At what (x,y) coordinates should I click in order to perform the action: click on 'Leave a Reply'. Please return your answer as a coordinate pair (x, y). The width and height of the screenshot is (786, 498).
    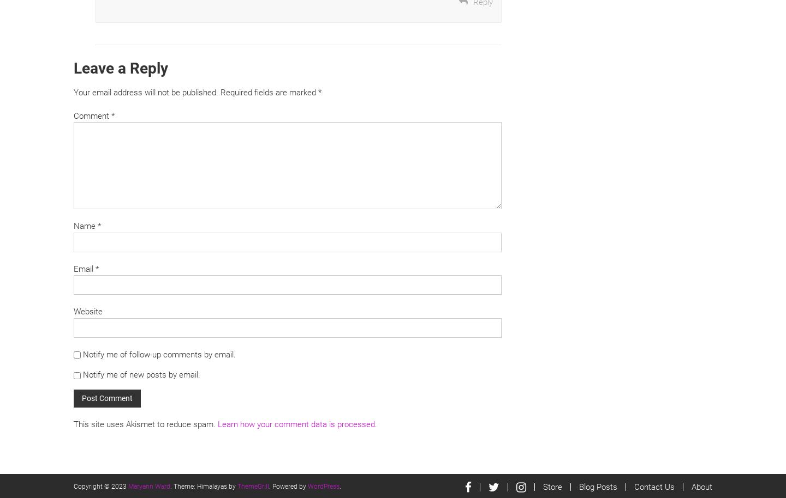
    Looking at the image, I should click on (121, 68).